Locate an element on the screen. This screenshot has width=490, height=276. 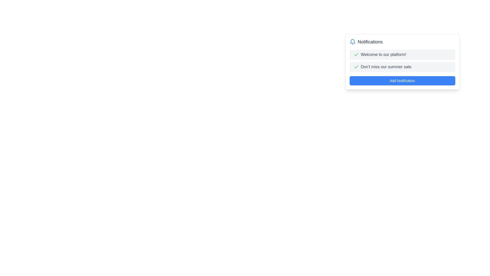
the success indicator icon located on the left side of the text that states, "Don't miss our summer sale," in the second notification row of the notification box is located at coordinates (356, 67).